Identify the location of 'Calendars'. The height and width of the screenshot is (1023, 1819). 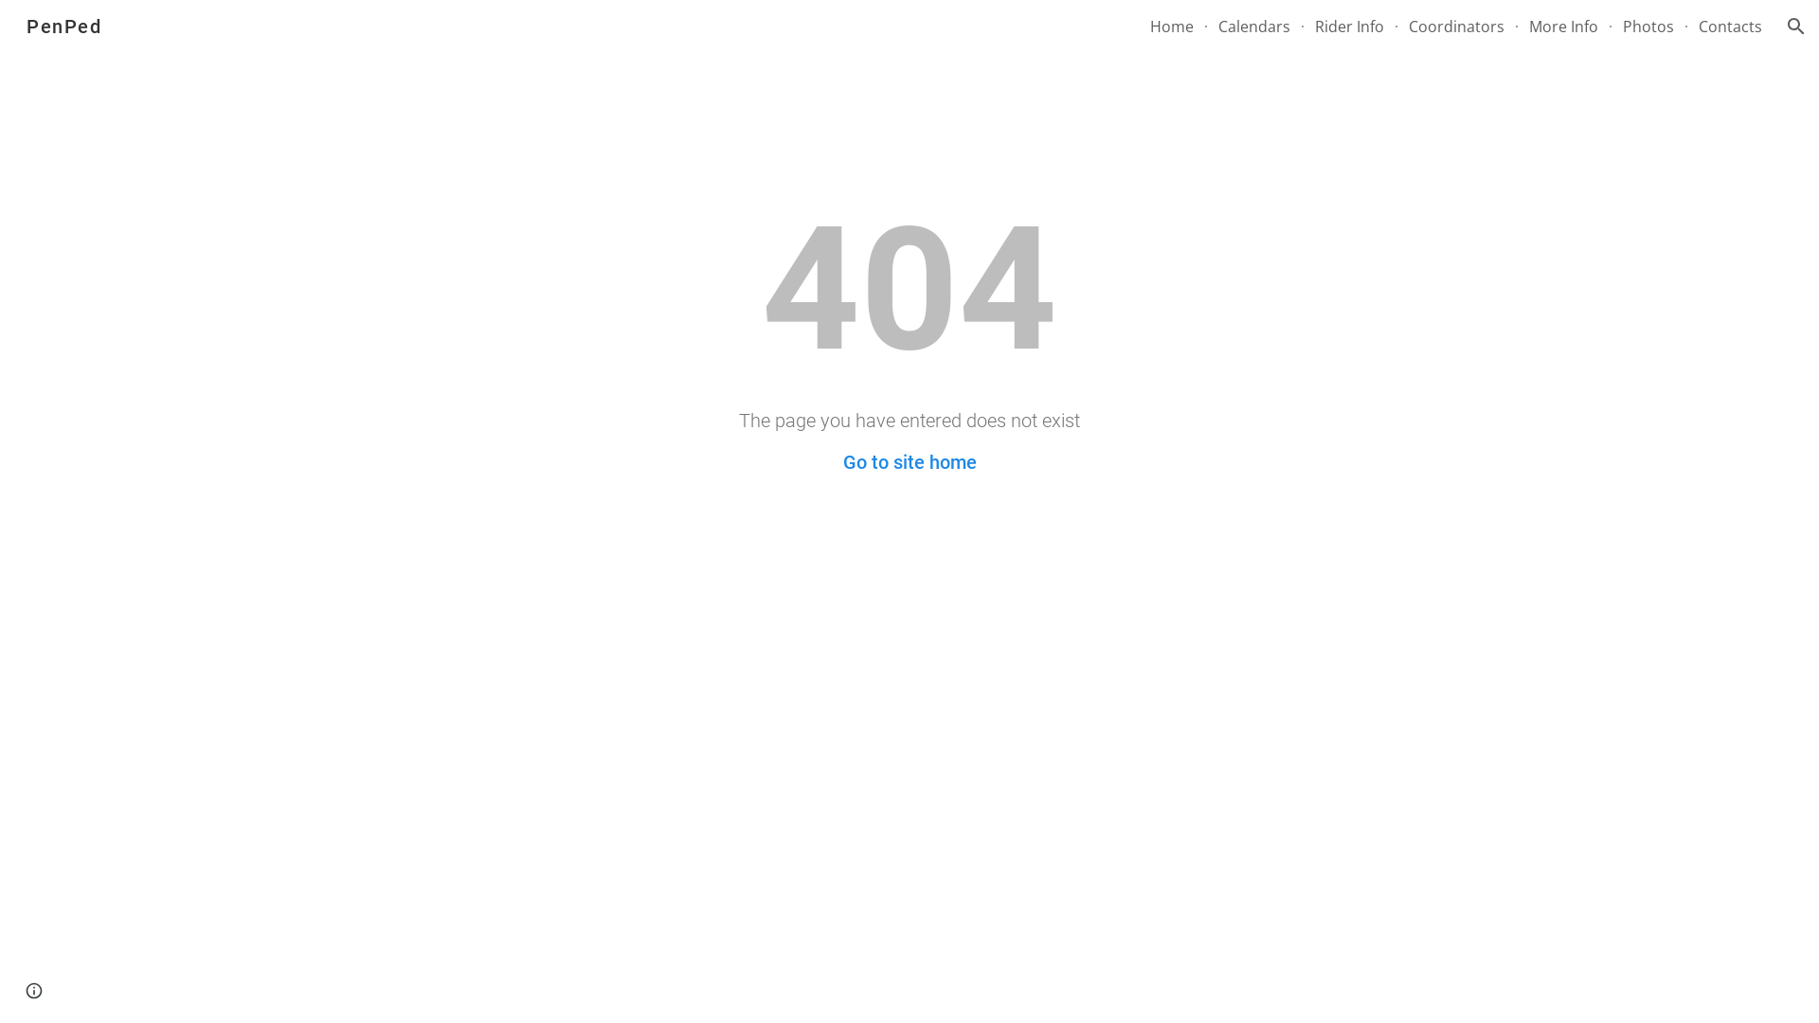
(1254, 26).